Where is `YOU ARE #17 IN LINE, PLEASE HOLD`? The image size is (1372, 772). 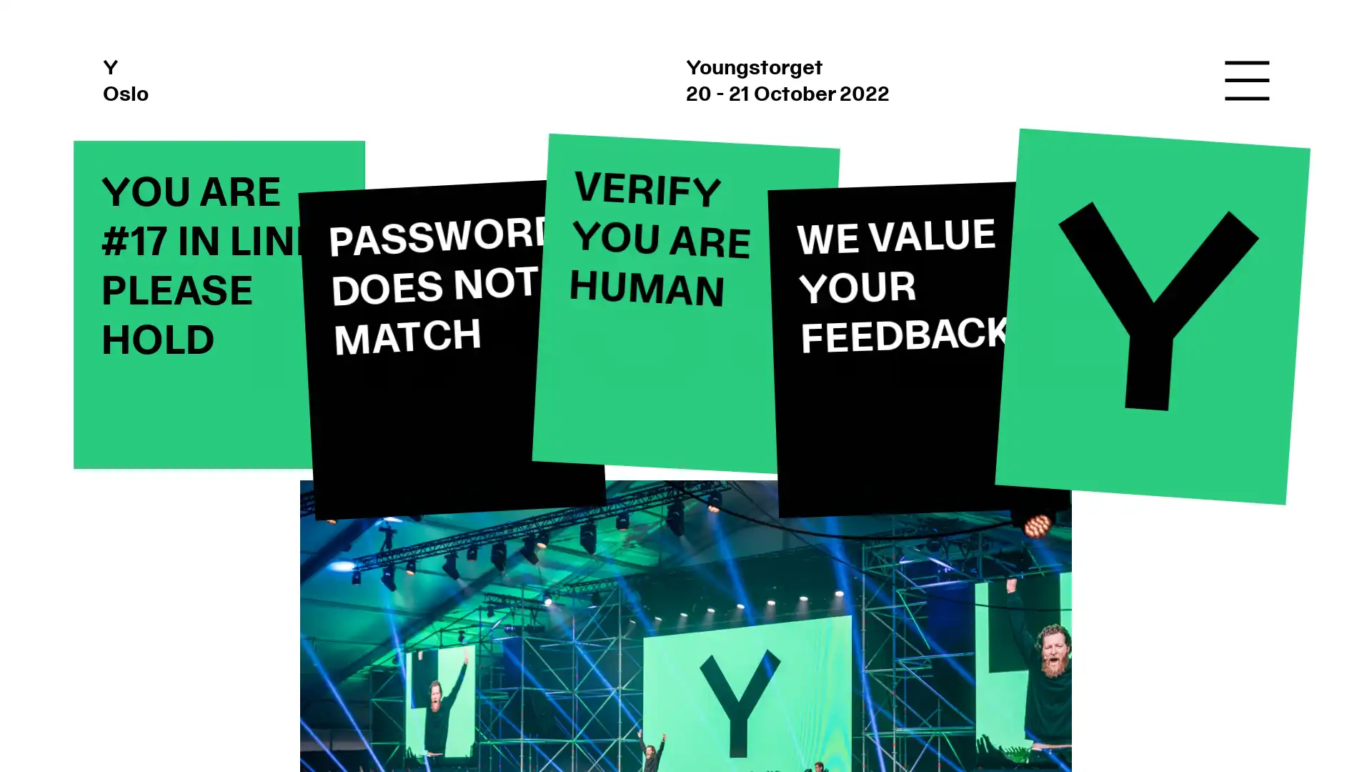 YOU ARE #17 IN LINE, PLEASE HOLD is located at coordinates (219, 304).